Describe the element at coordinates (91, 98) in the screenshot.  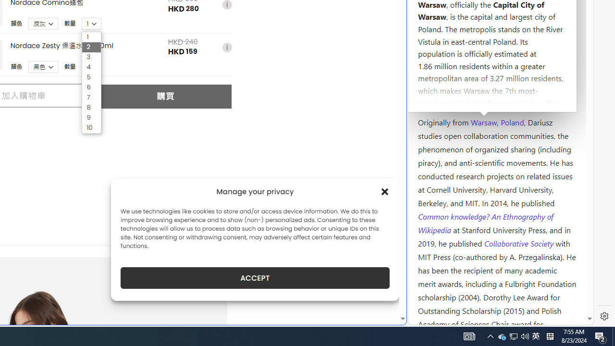
I see `'7'` at that location.